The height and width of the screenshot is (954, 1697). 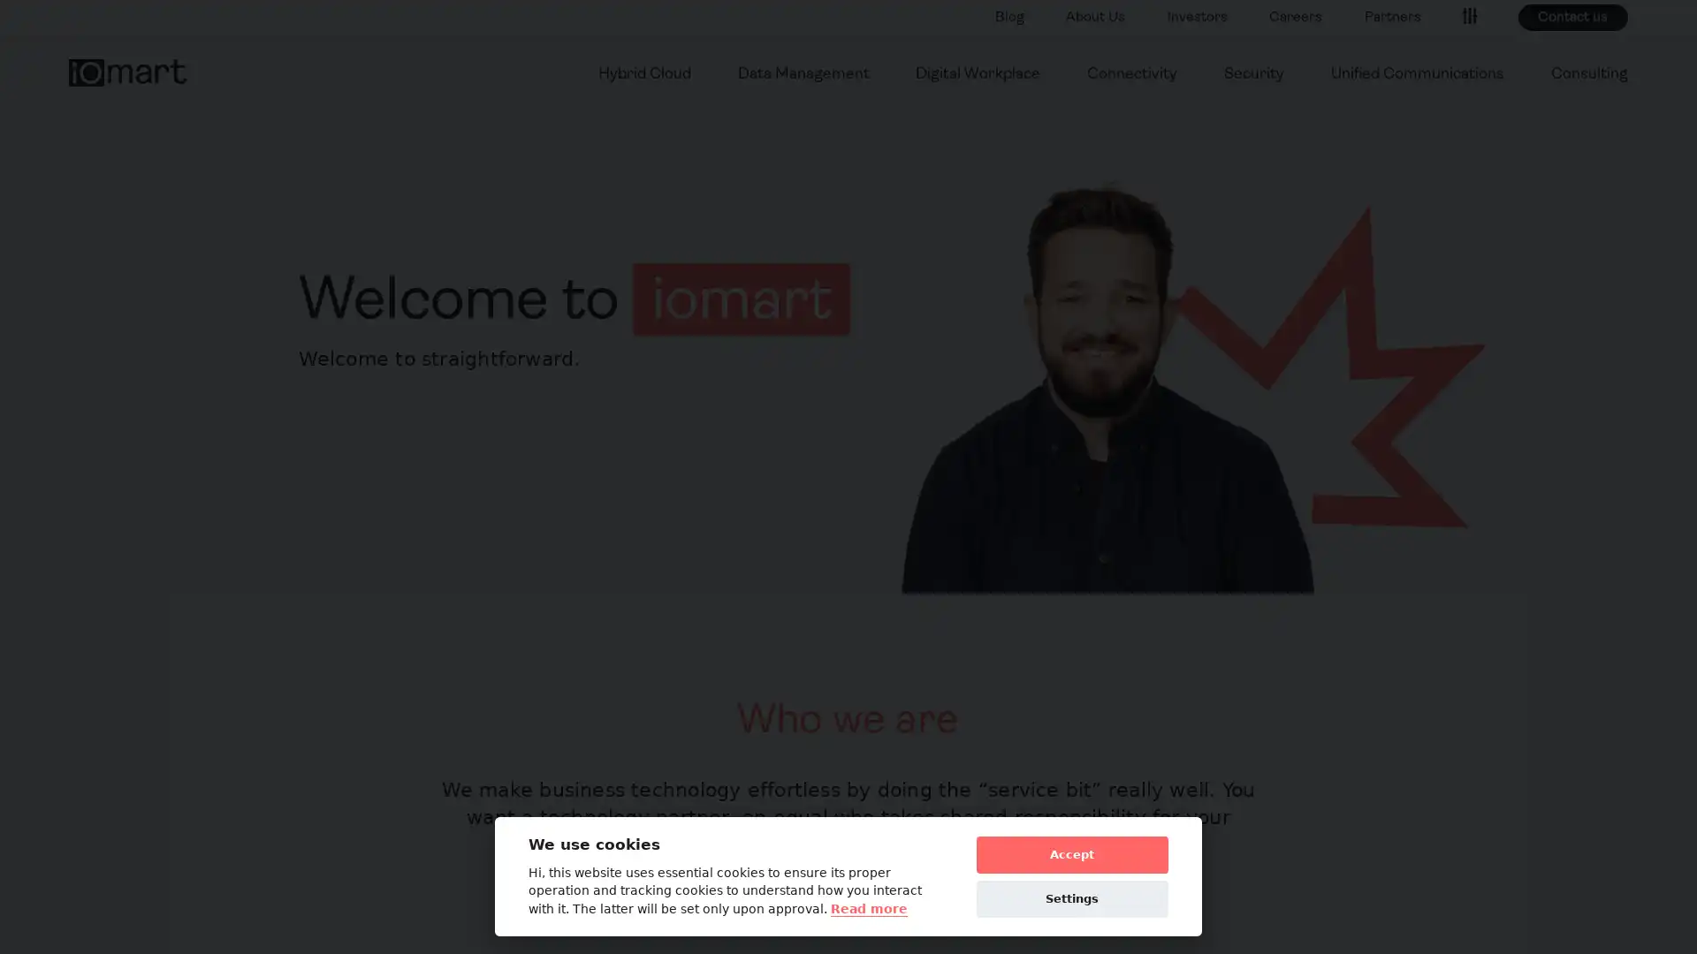 I want to click on Accept, so click(x=1070, y=853).